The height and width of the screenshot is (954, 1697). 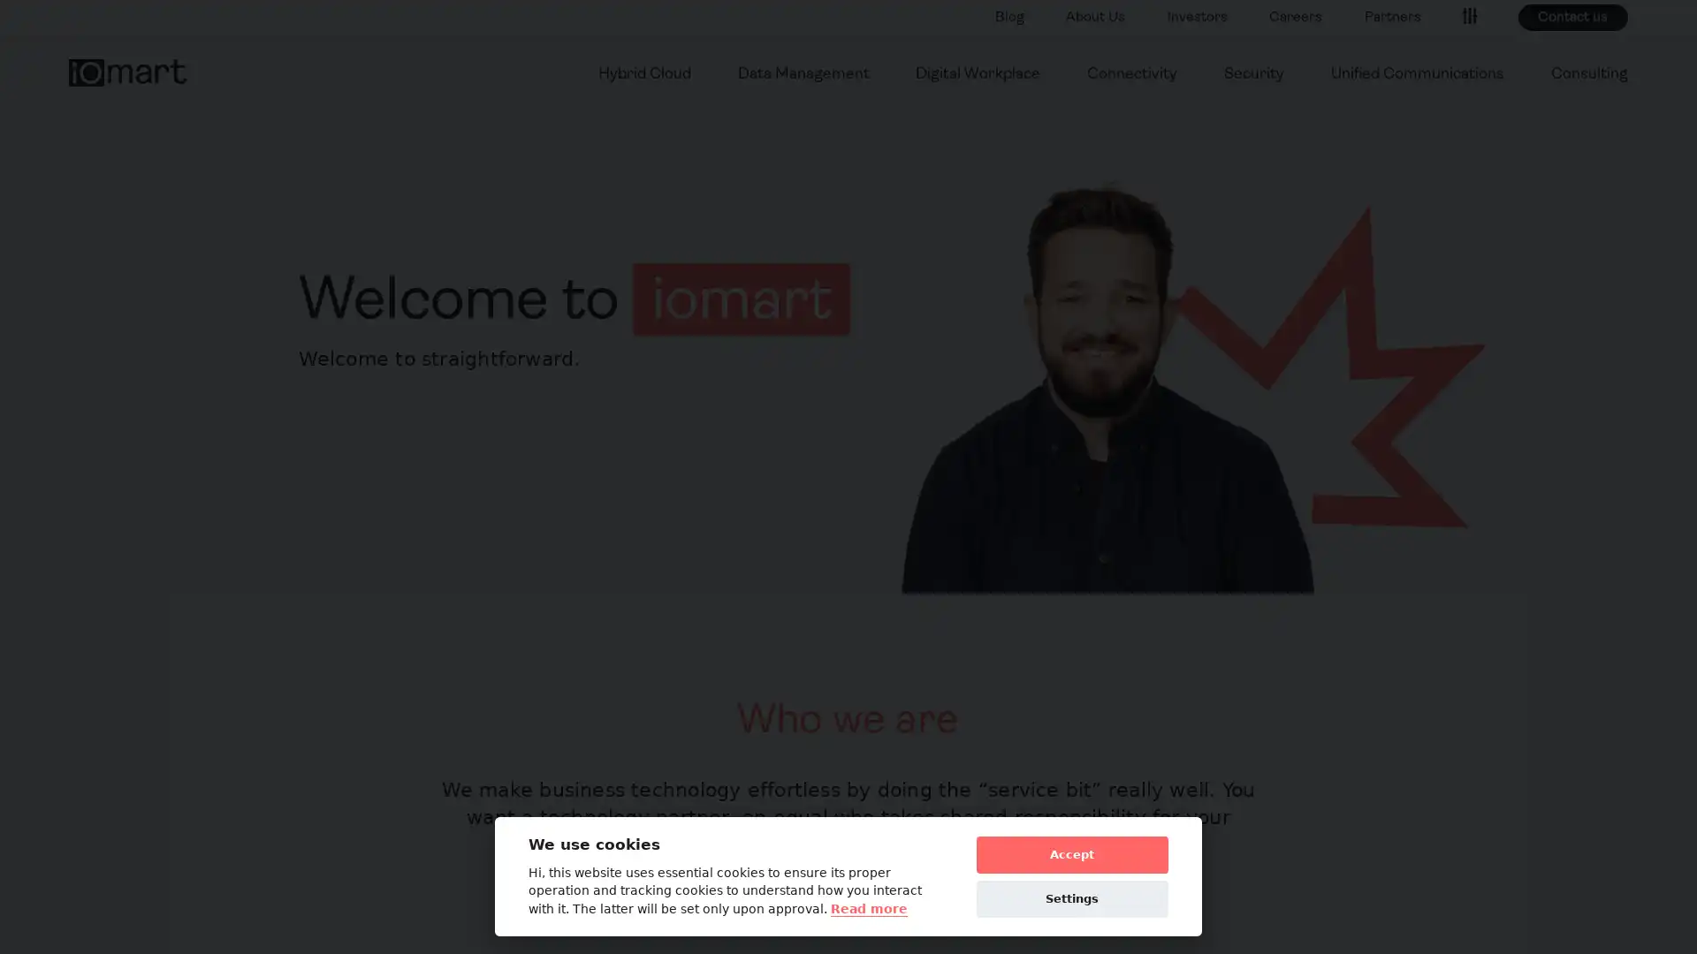 I want to click on Accept, so click(x=1070, y=853).